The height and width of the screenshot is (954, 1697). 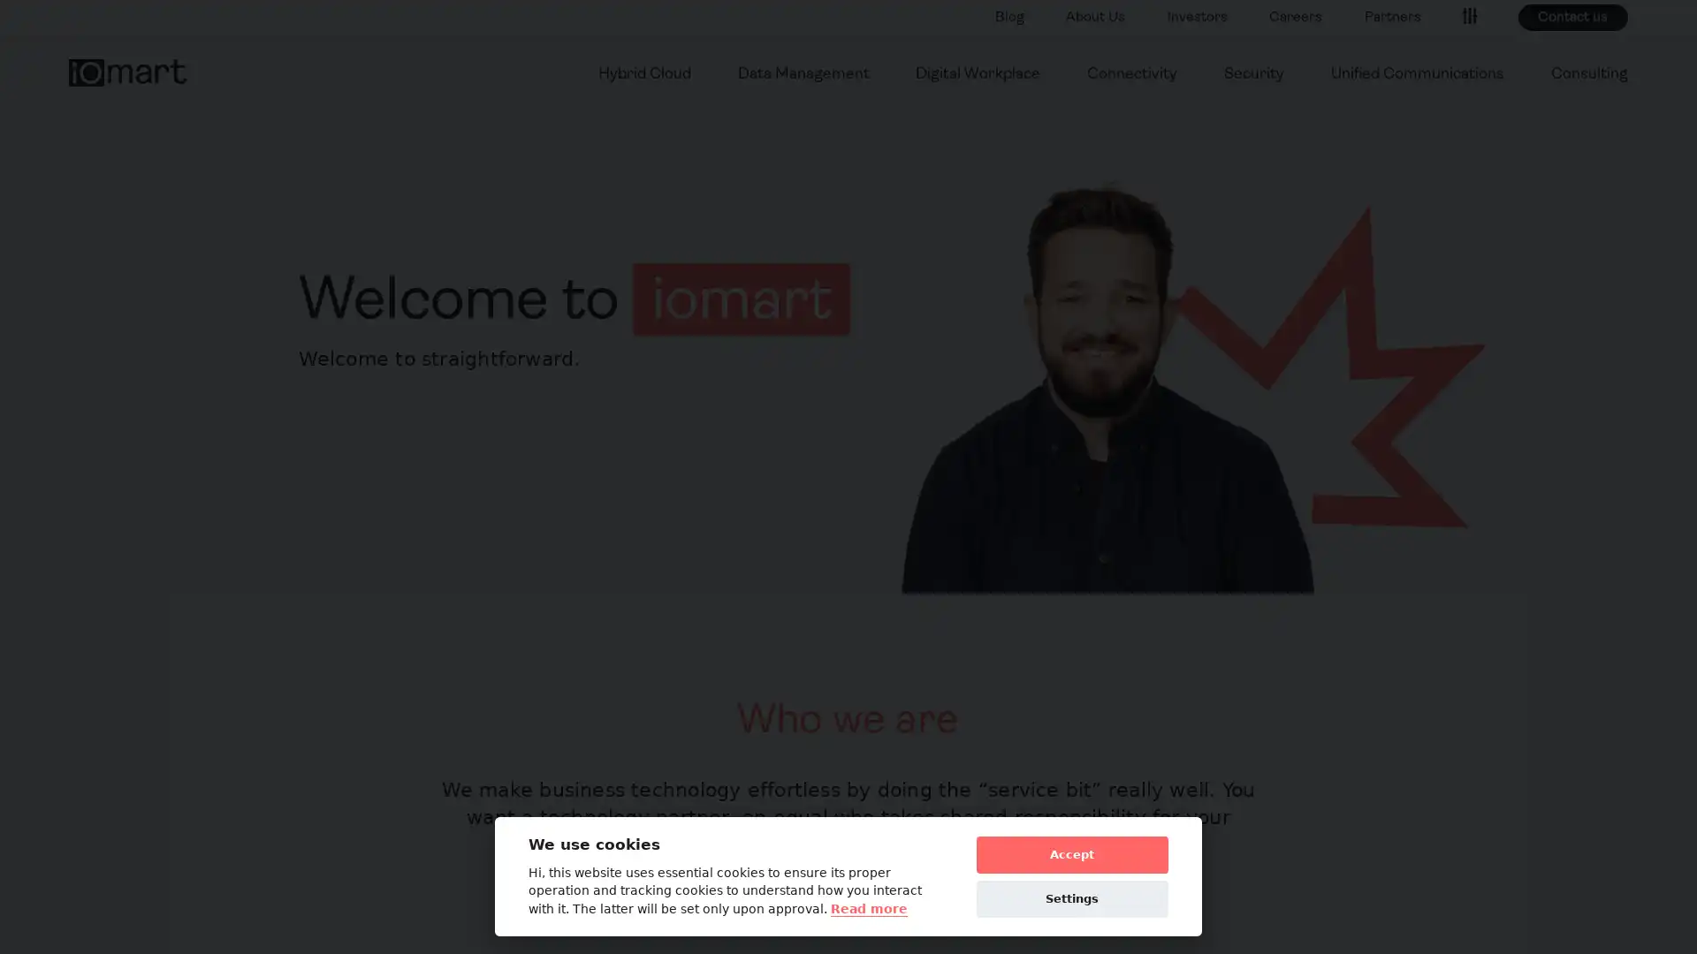 I want to click on Accept, so click(x=1070, y=853).